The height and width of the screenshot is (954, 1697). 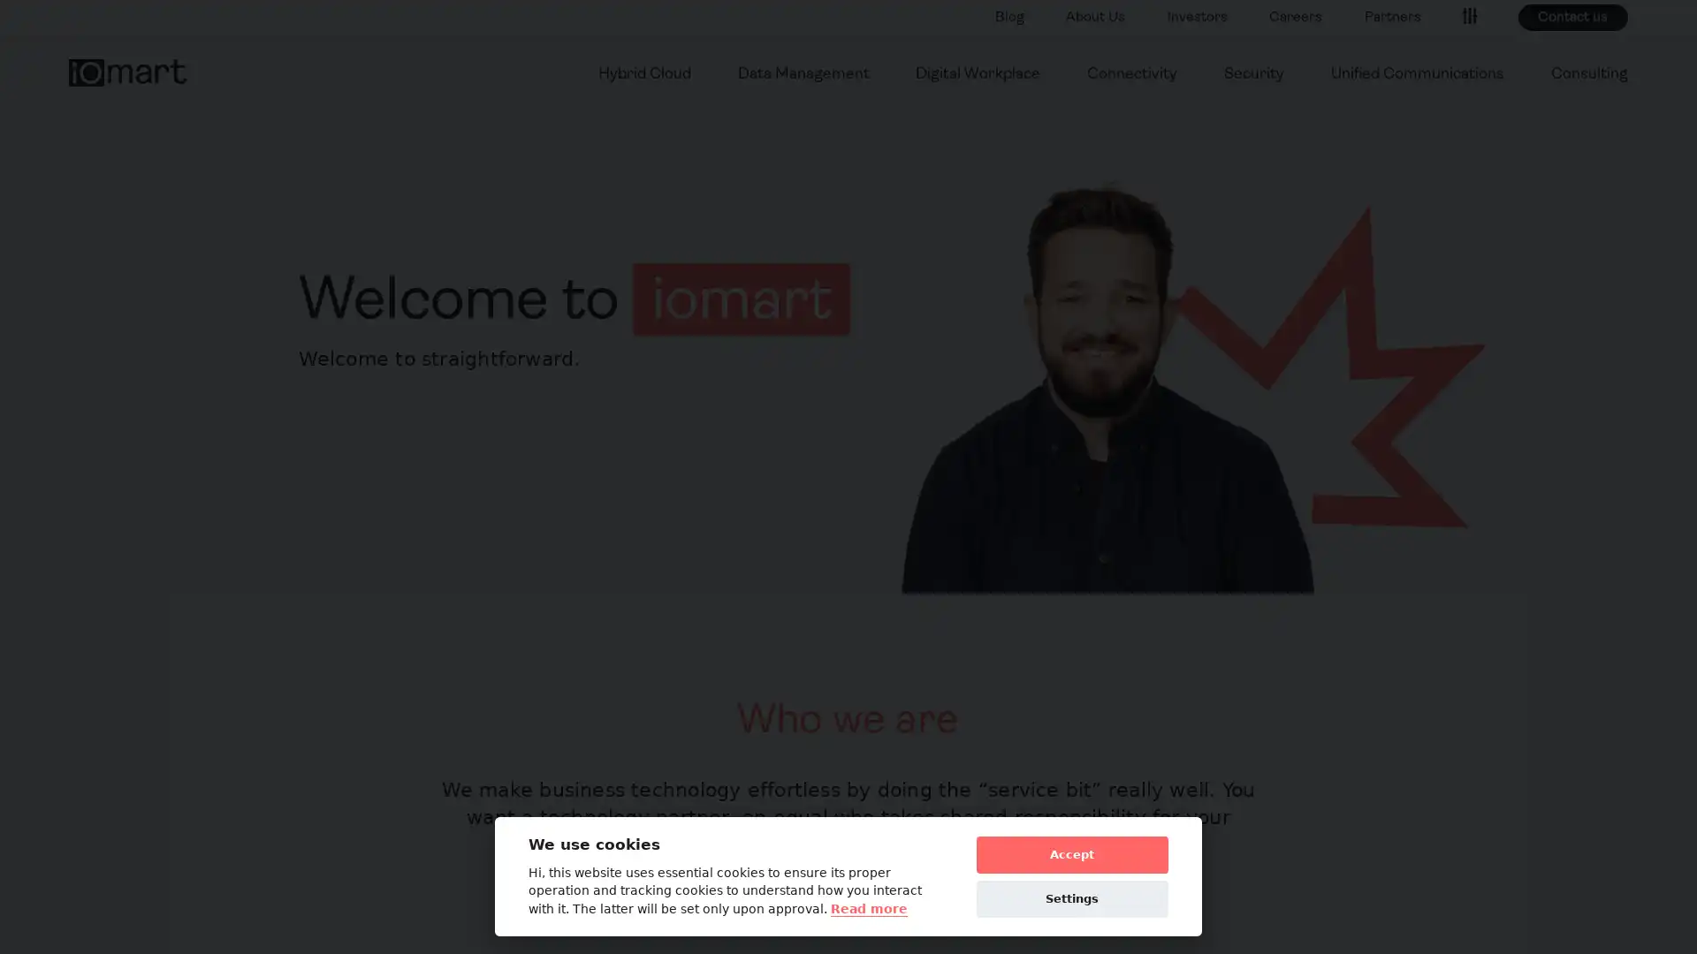 I want to click on Accept, so click(x=1070, y=853).